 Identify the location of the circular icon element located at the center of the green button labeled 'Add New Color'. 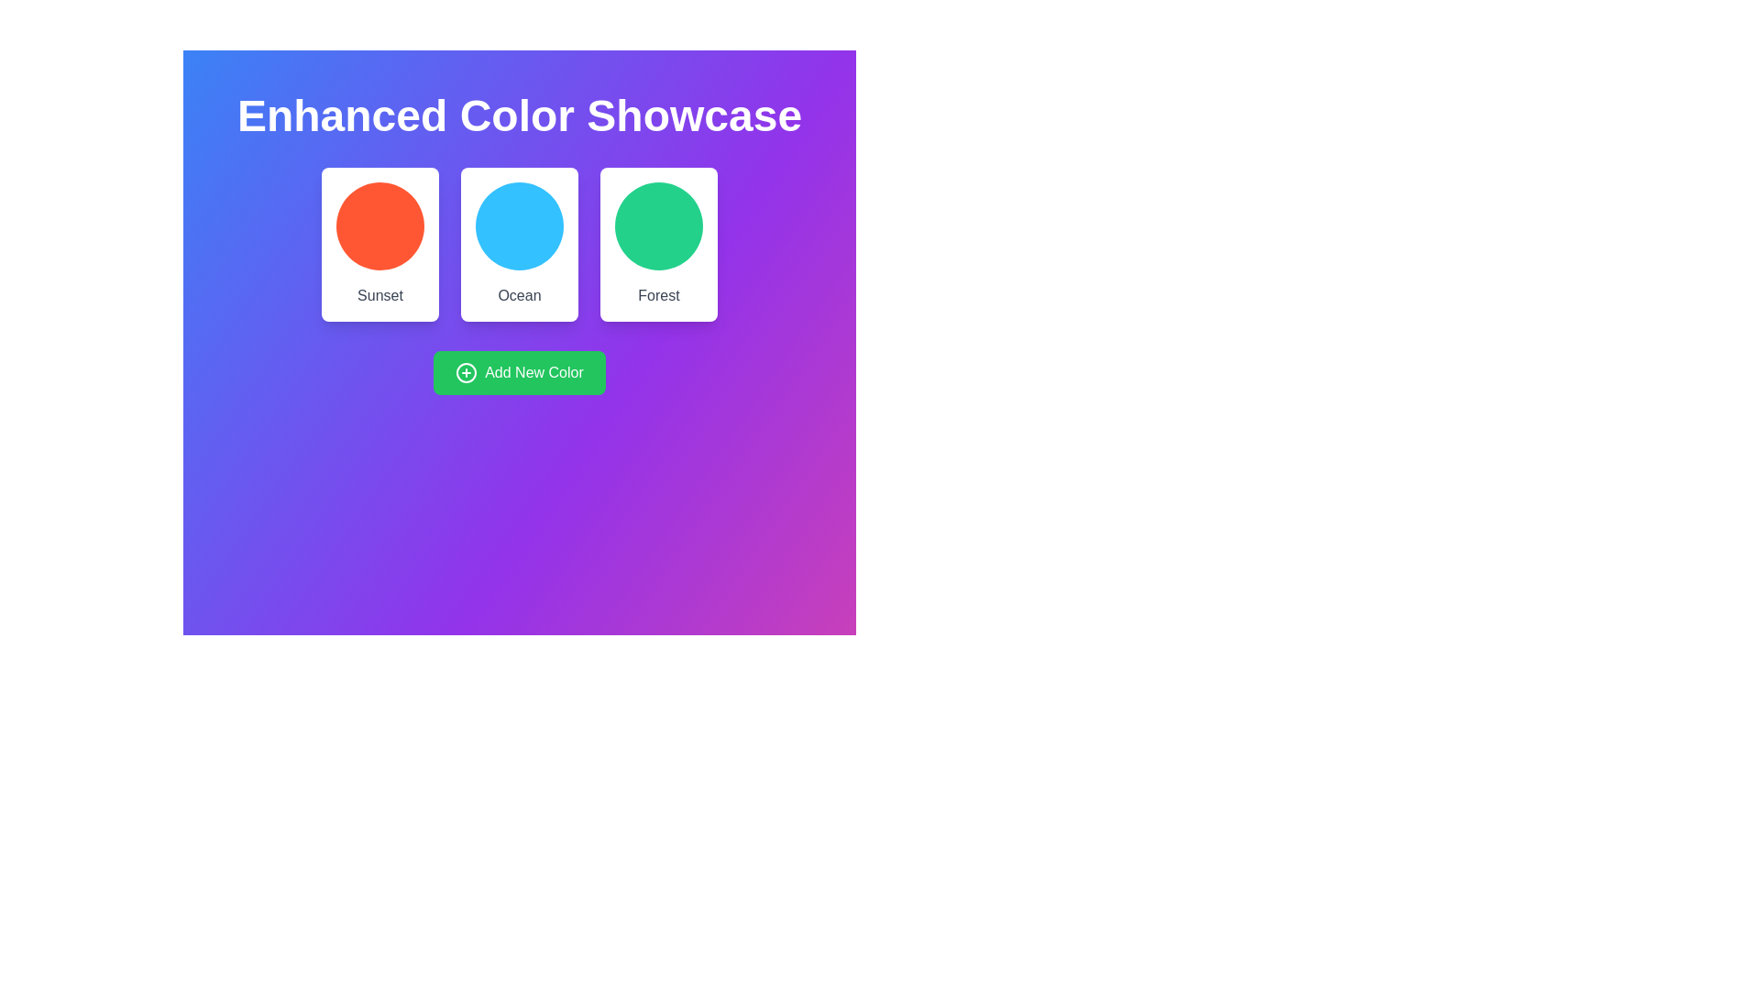
(467, 372).